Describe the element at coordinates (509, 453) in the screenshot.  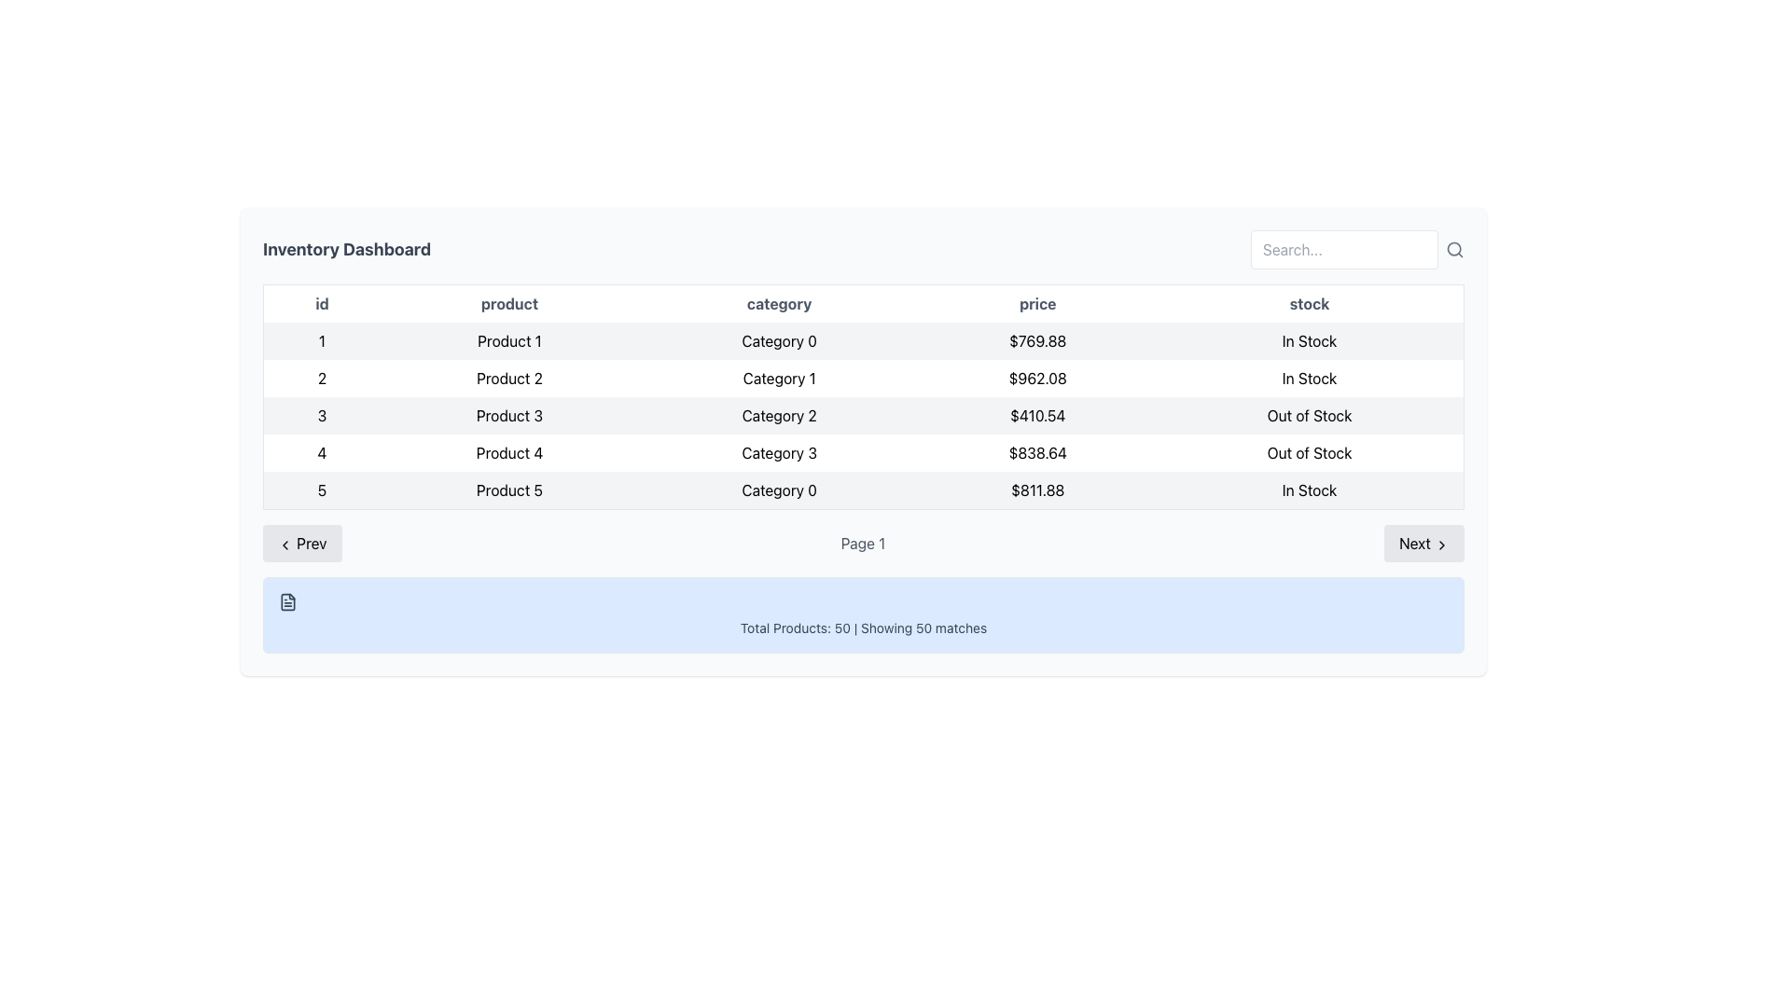
I see `the text display cell in the 'product' column of the fourth row containing the text 'Product 4'` at that location.